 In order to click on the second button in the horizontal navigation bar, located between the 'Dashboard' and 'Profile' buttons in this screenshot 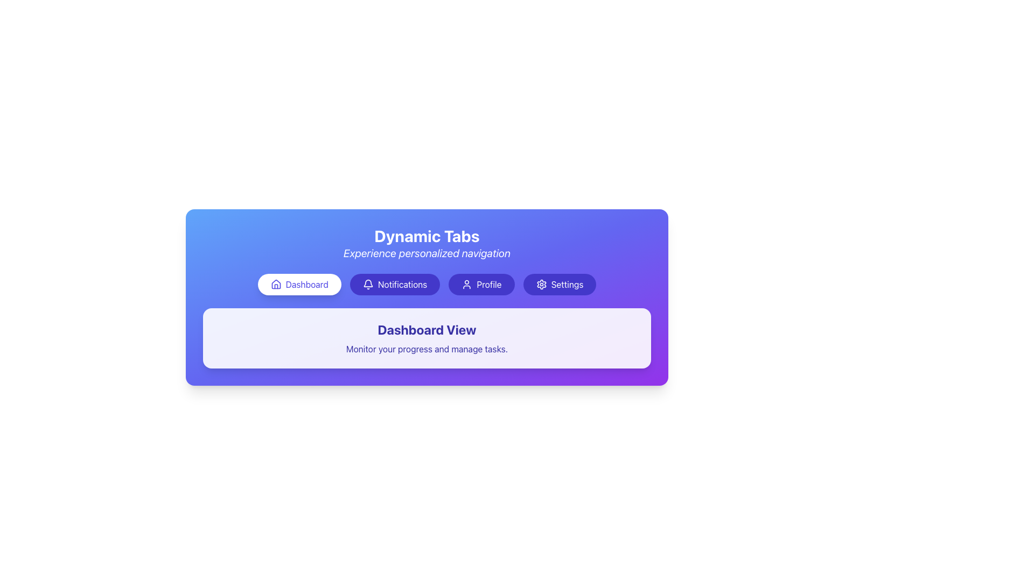, I will do `click(394, 284)`.